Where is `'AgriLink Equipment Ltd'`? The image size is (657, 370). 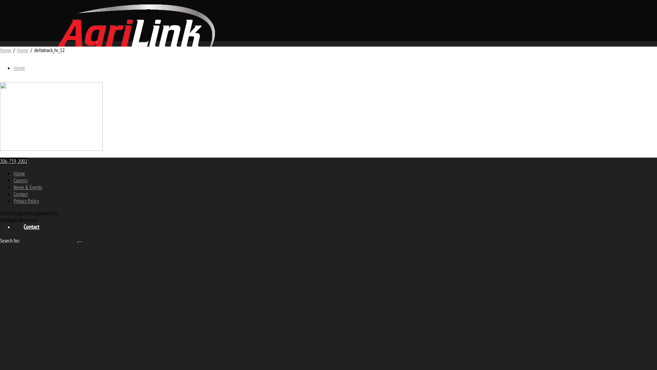 'AgriLink Equipment Ltd' is located at coordinates (137, 30).